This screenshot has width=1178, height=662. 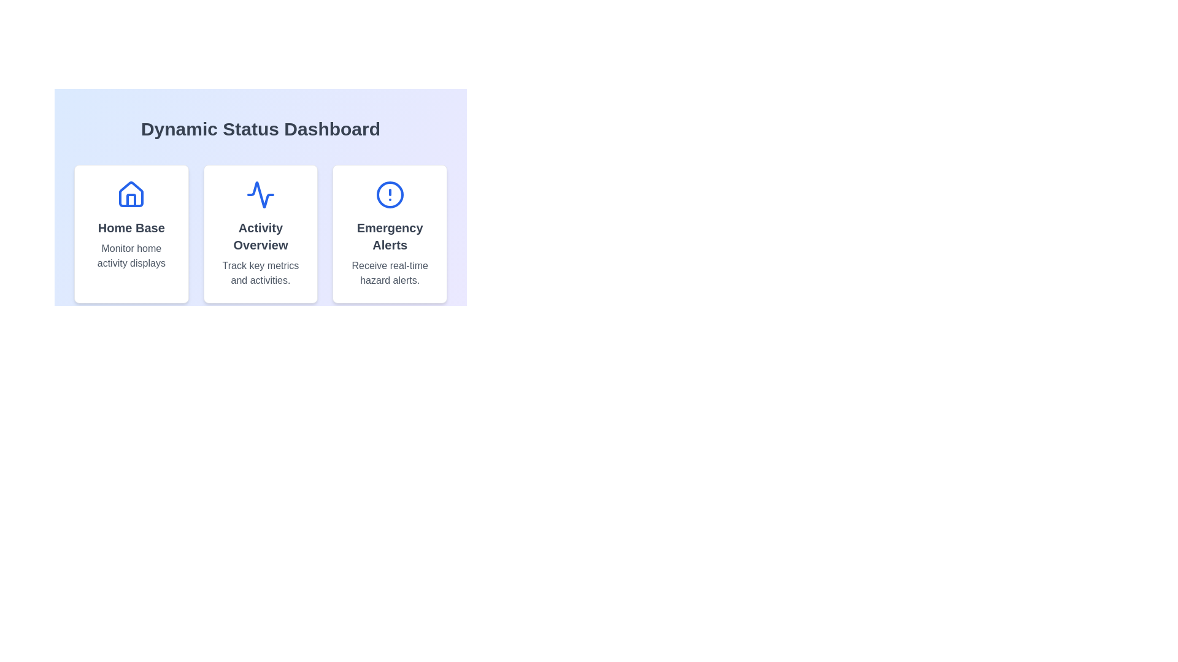 I want to click on the text label displaying 'Receive real-time hazard alerts.' located below the 'Emergency Alerts' heading in the rightmost card of the dashboard, so click(x=389, y=273).